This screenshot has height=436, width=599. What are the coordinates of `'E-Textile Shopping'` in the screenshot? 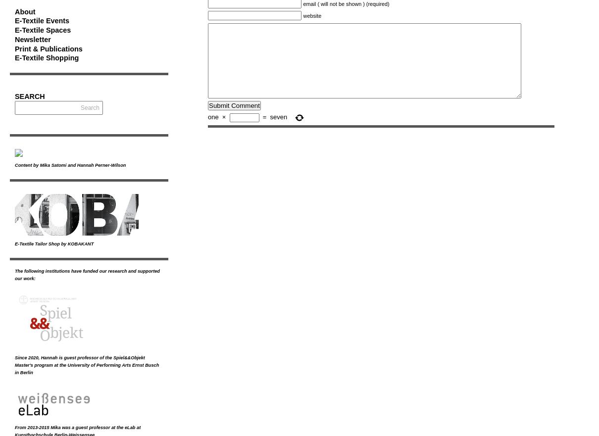 It's located at (14, 57).